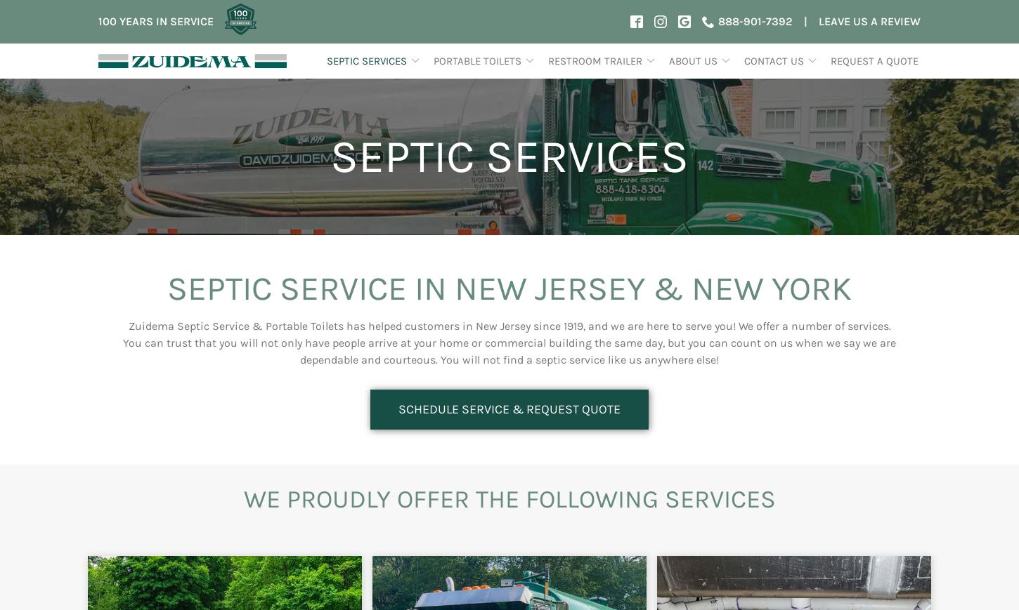  Describe the element at coordinates (809, 124) in the screenshot. I see `'Rockland County, NJ'` at that location.